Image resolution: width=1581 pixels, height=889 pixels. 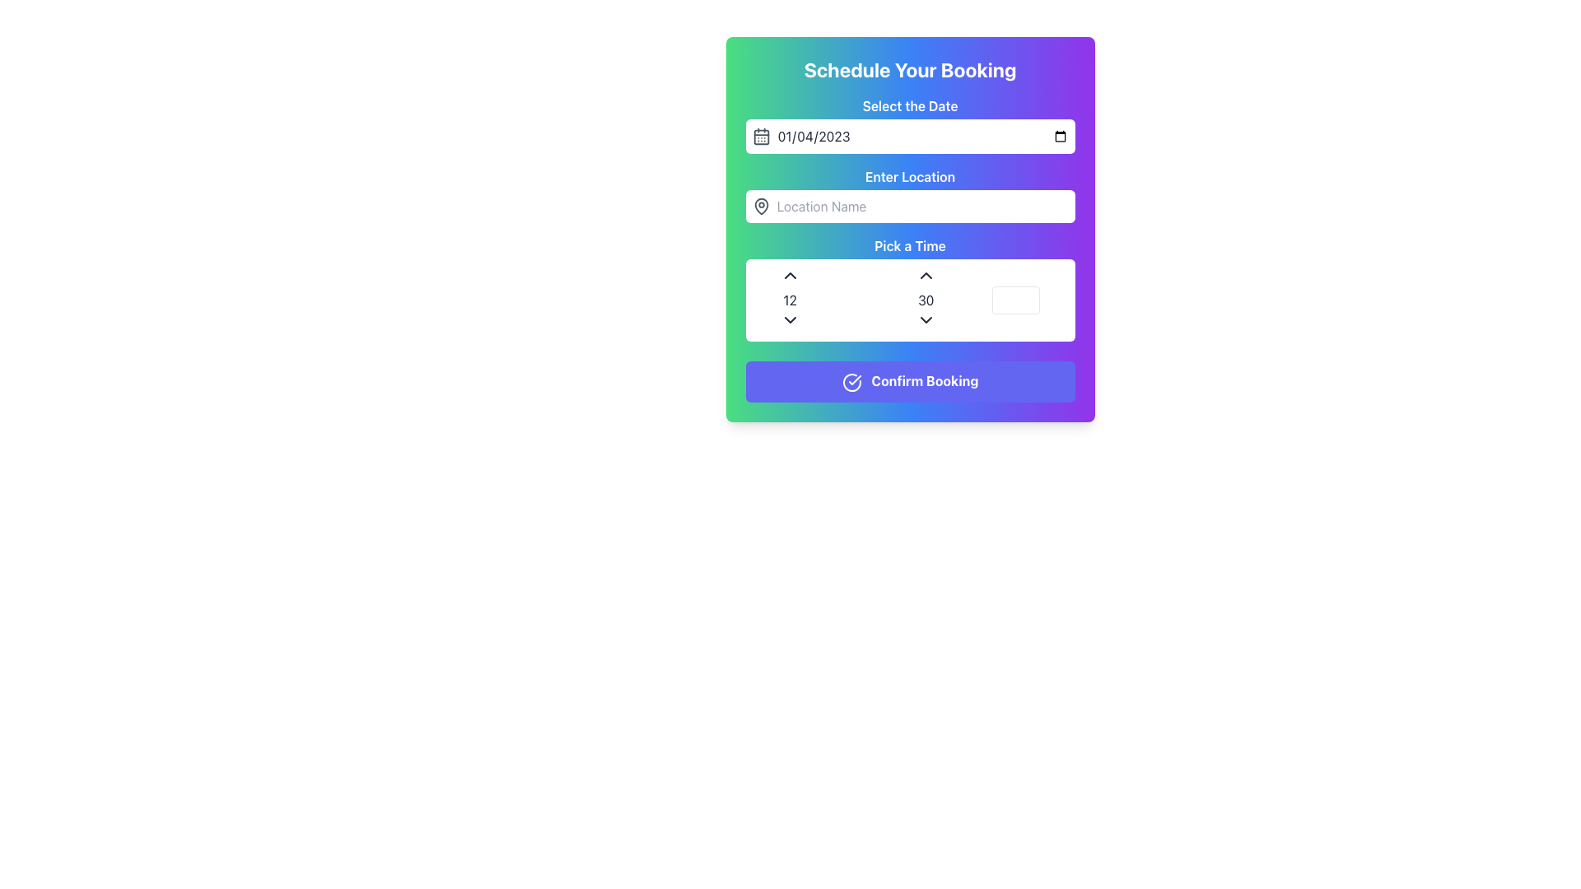 What do you see at coordinates (922, 135) in the screenshot?
I see `the date input field located at the top of the 'Select the Date' section within the 'Schedule Your Booking' form to open the adjacent calendar picker` at bounding box center [922, 135].